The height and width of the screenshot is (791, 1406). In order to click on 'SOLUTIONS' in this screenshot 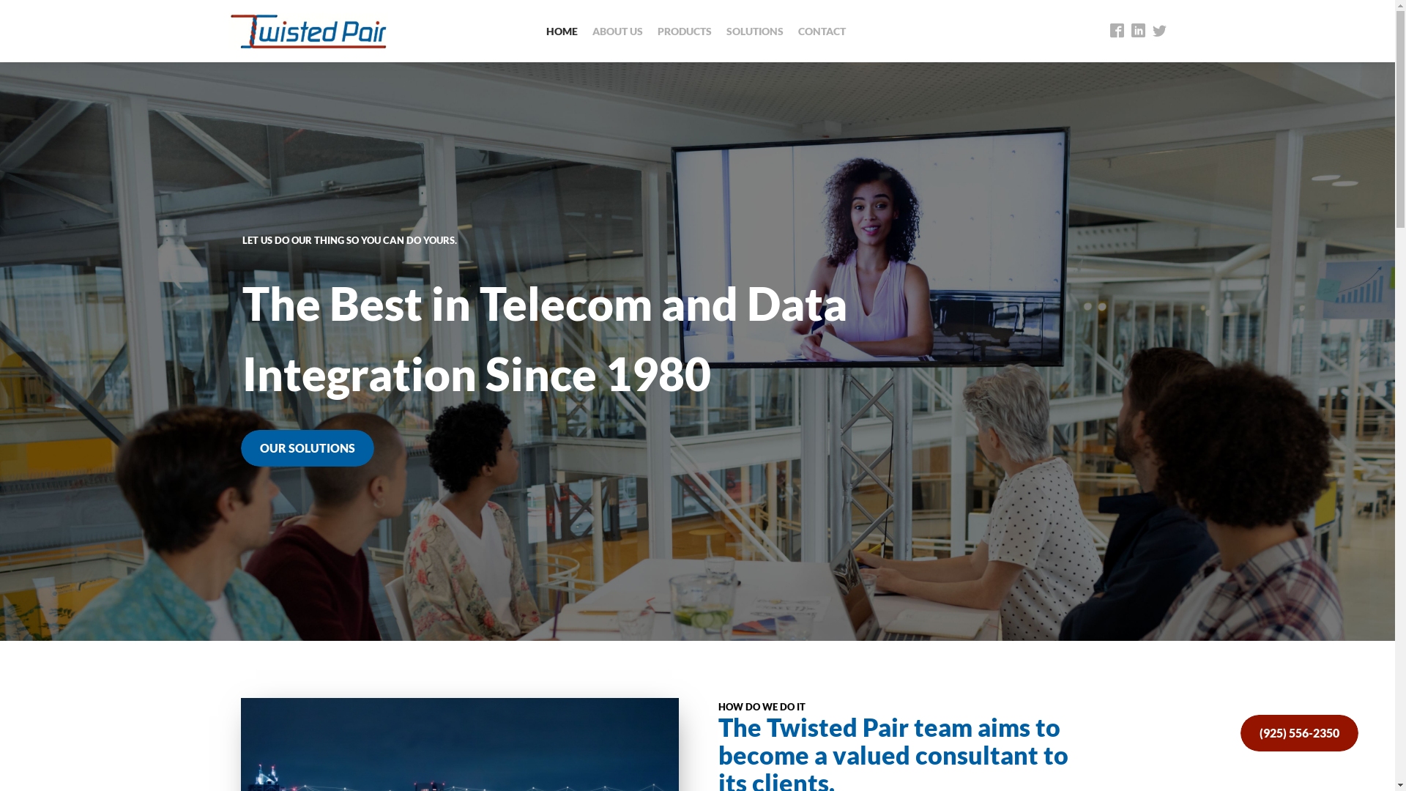, I will do `click(755, 31)`.